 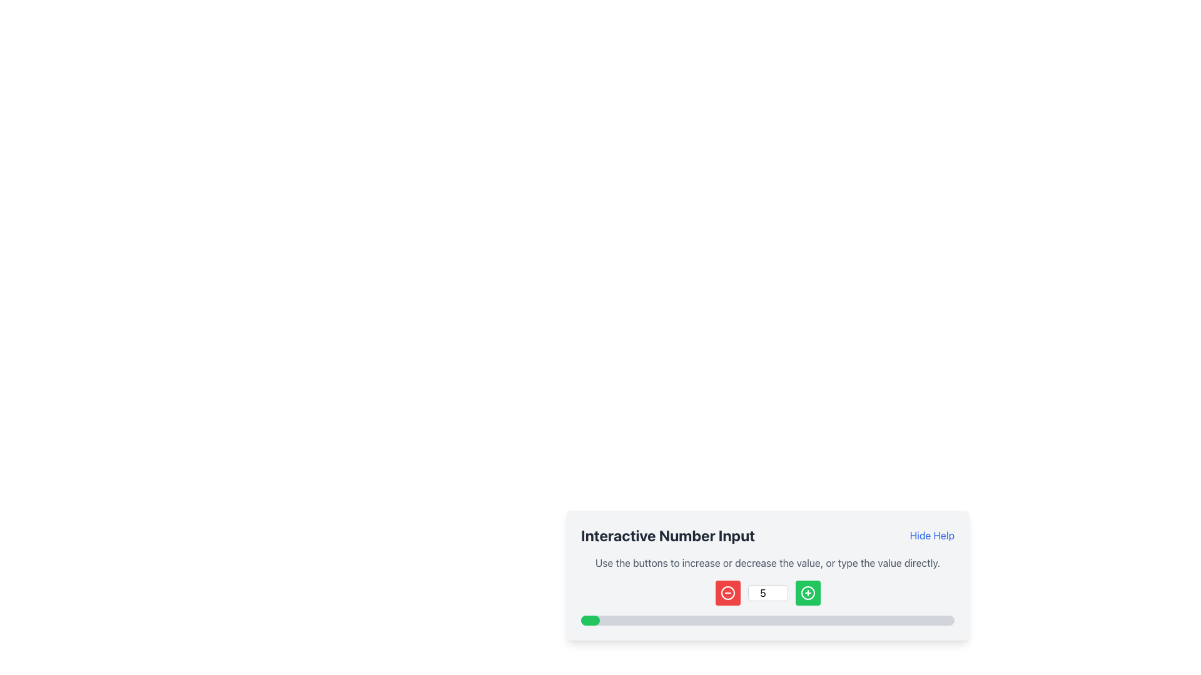 I want to click on the Progress Indicator, which visually represents the progress of a task and is located at the bottom of the interface layout, so click(x=589, y=620).